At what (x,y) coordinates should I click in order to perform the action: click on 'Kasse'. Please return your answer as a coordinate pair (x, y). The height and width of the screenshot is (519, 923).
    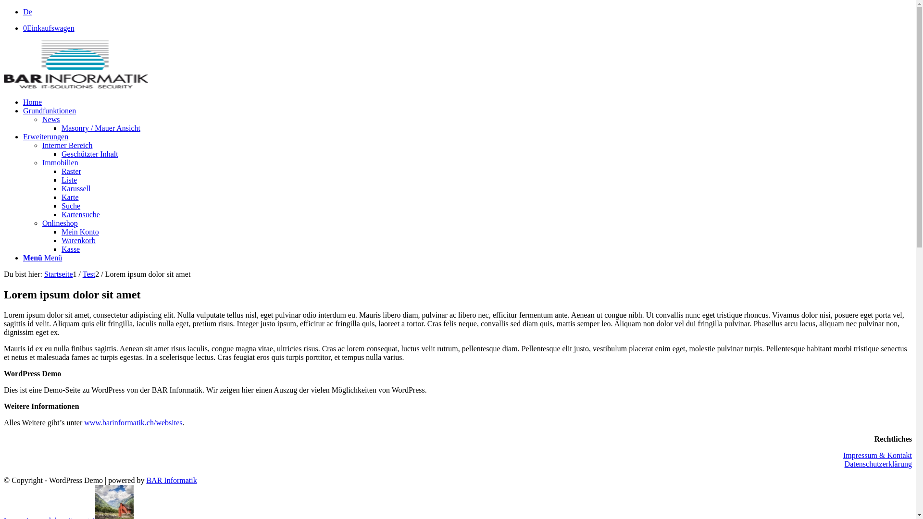
    Looking at the image, I should click on (70, 248).